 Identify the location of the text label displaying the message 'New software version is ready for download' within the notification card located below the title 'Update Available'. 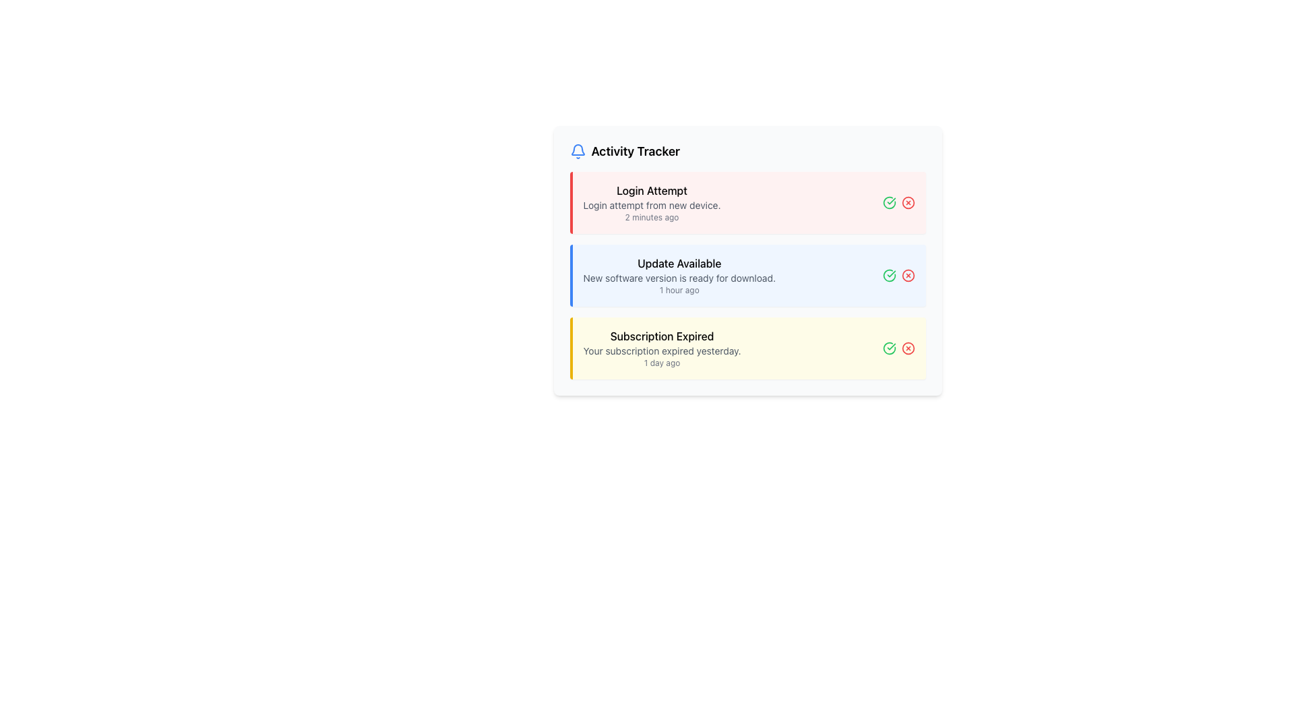
(679, 277).